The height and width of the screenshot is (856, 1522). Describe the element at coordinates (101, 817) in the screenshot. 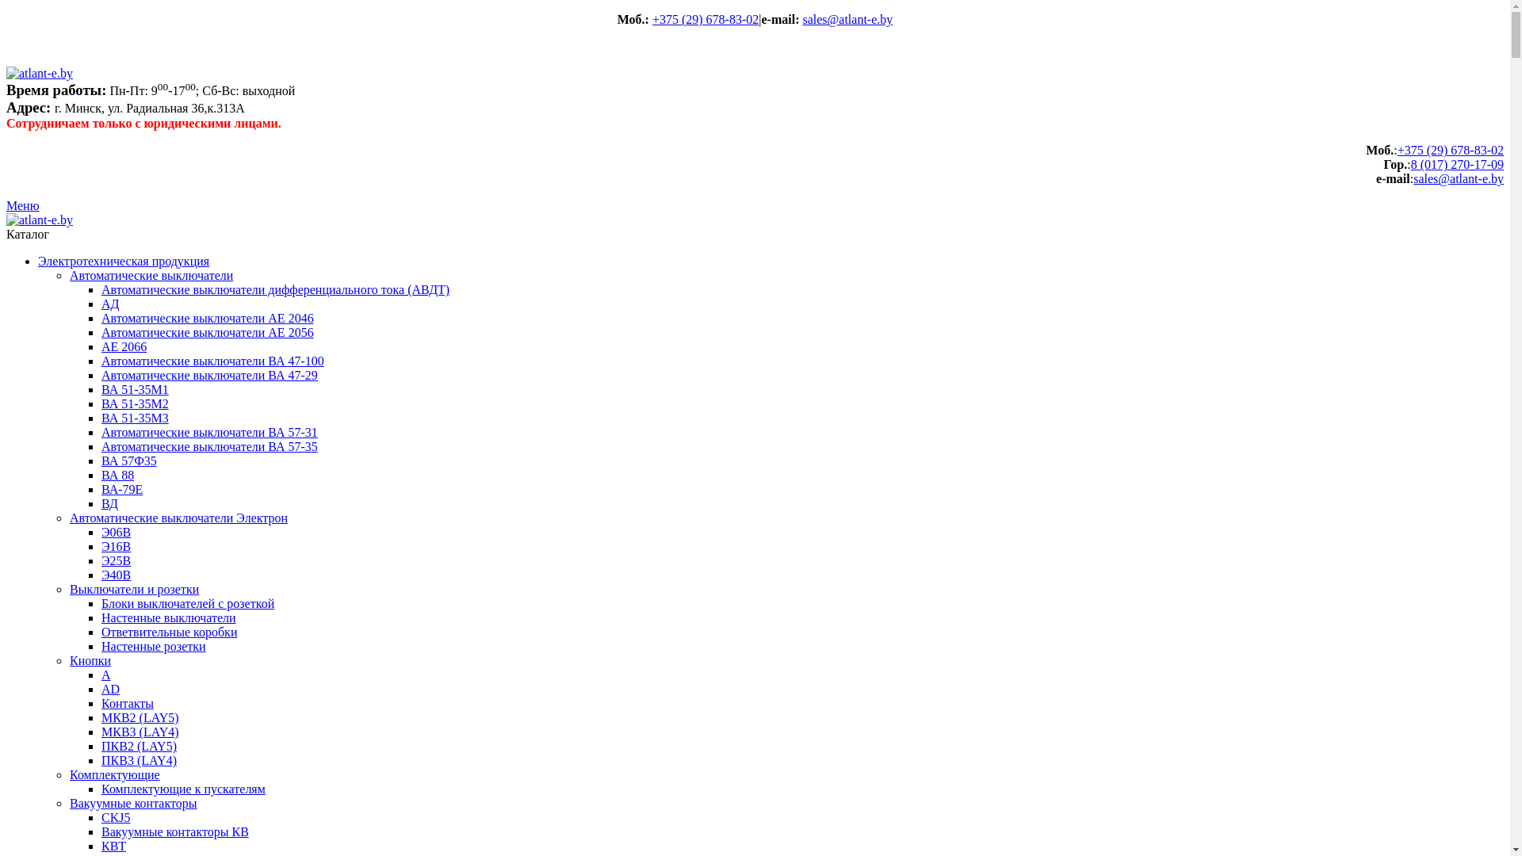

I see `'CKJ5'` at that location.